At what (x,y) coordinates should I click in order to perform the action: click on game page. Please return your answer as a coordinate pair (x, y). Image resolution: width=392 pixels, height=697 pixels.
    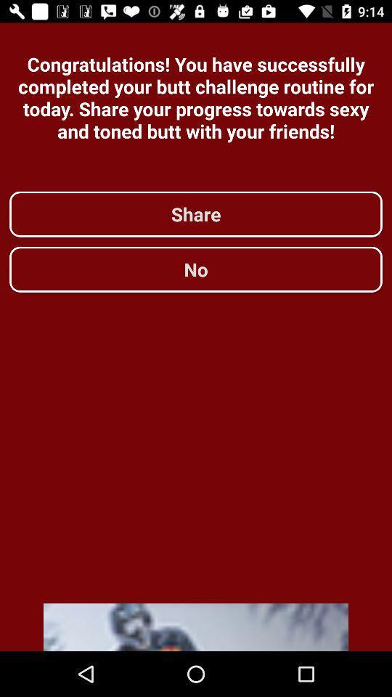
    Looking at the image, I should click on (196, 627).